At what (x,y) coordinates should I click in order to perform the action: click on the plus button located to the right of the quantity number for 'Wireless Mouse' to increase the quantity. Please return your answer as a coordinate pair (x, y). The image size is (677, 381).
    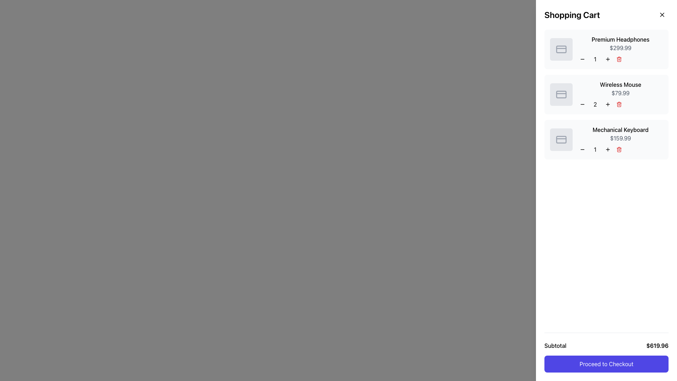
    Looking at the image, I should click on (607, 104).